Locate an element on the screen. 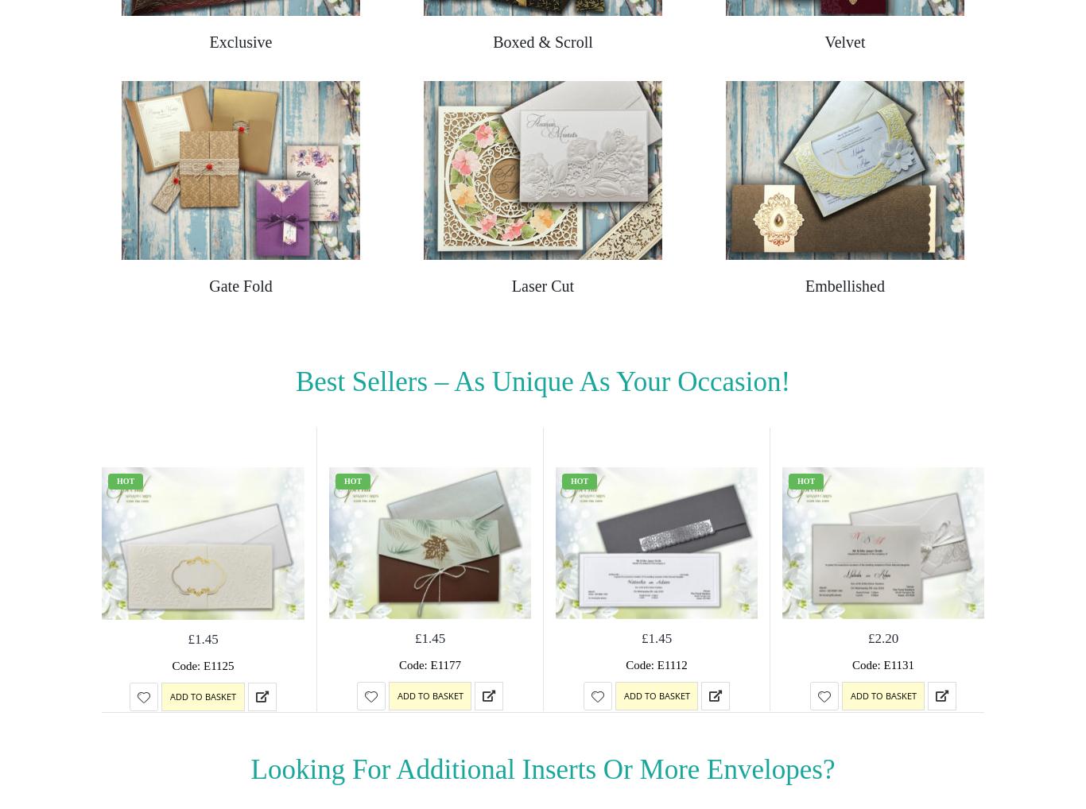 The image size is (1086, 809). 'Best Sellers – as Unique As Your Occasion!' is located at coordinates (541, 381).